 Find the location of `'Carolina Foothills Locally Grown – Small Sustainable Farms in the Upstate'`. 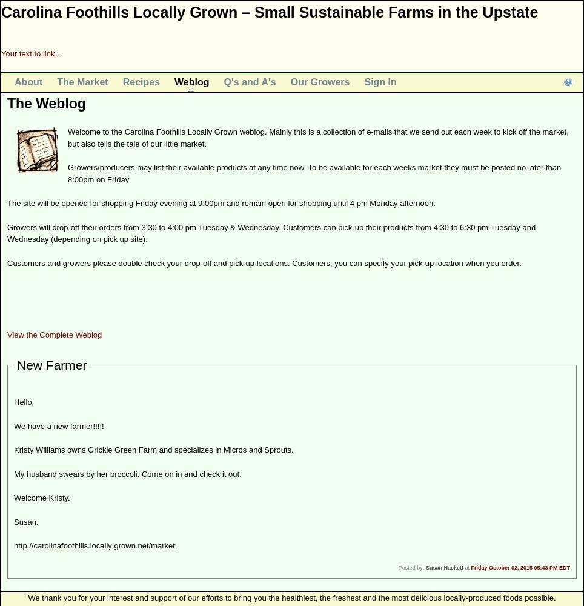

'Carolina Foothills Locally Grown – Small Sustainable Farms in the Upstate' is located at coordinates (269, 12).